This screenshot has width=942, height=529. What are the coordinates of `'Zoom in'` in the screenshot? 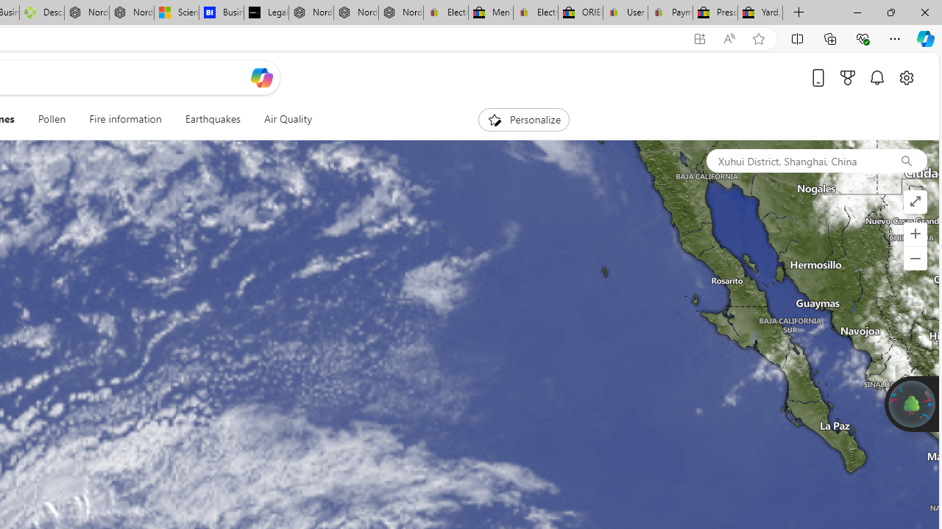 It's located at (914, 233).